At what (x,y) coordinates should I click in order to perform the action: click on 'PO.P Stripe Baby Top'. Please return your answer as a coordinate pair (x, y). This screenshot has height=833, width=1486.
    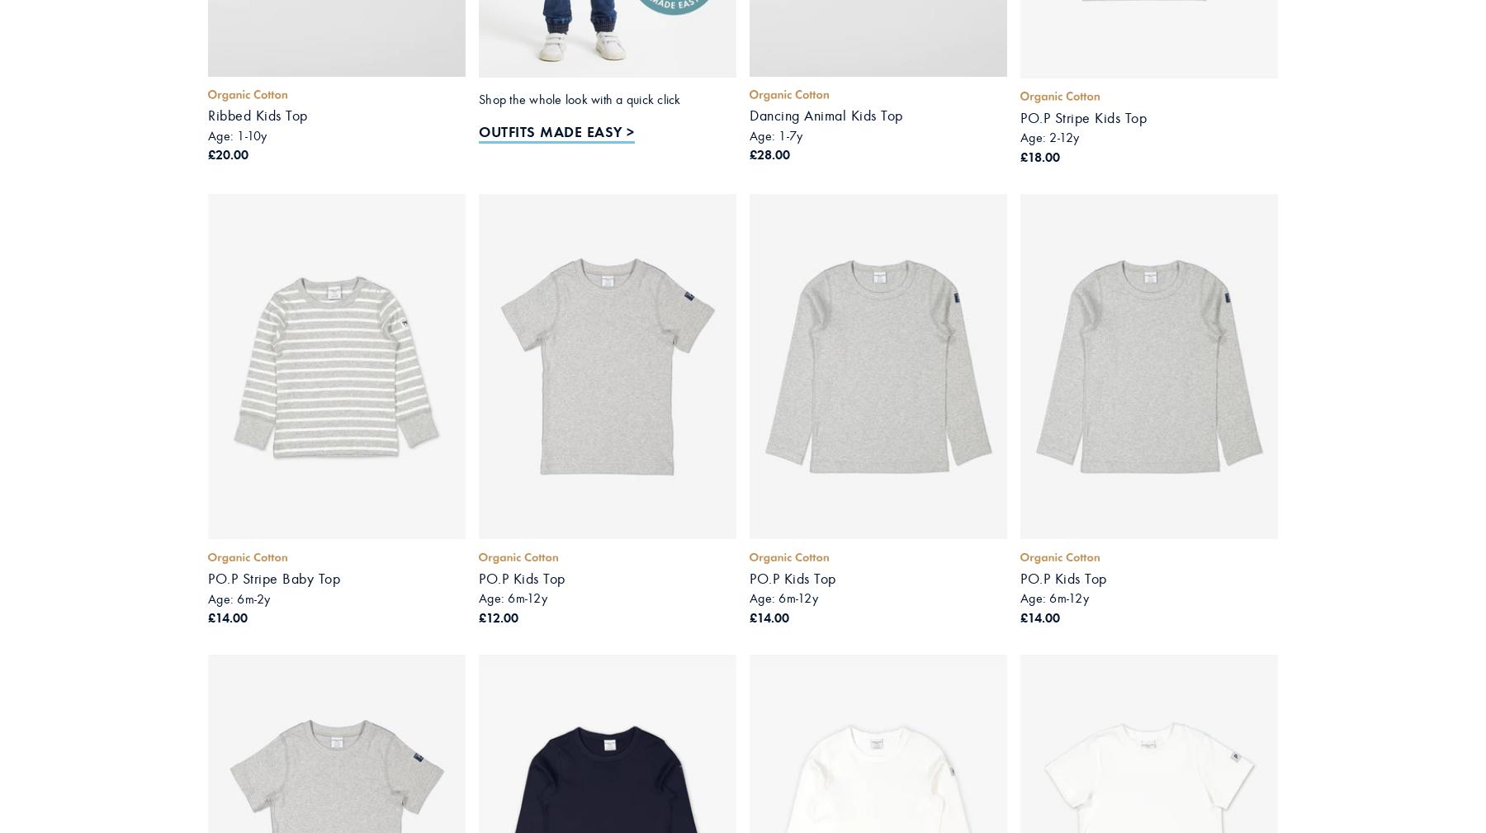
    Looking at the image, I should click on (272, 579).